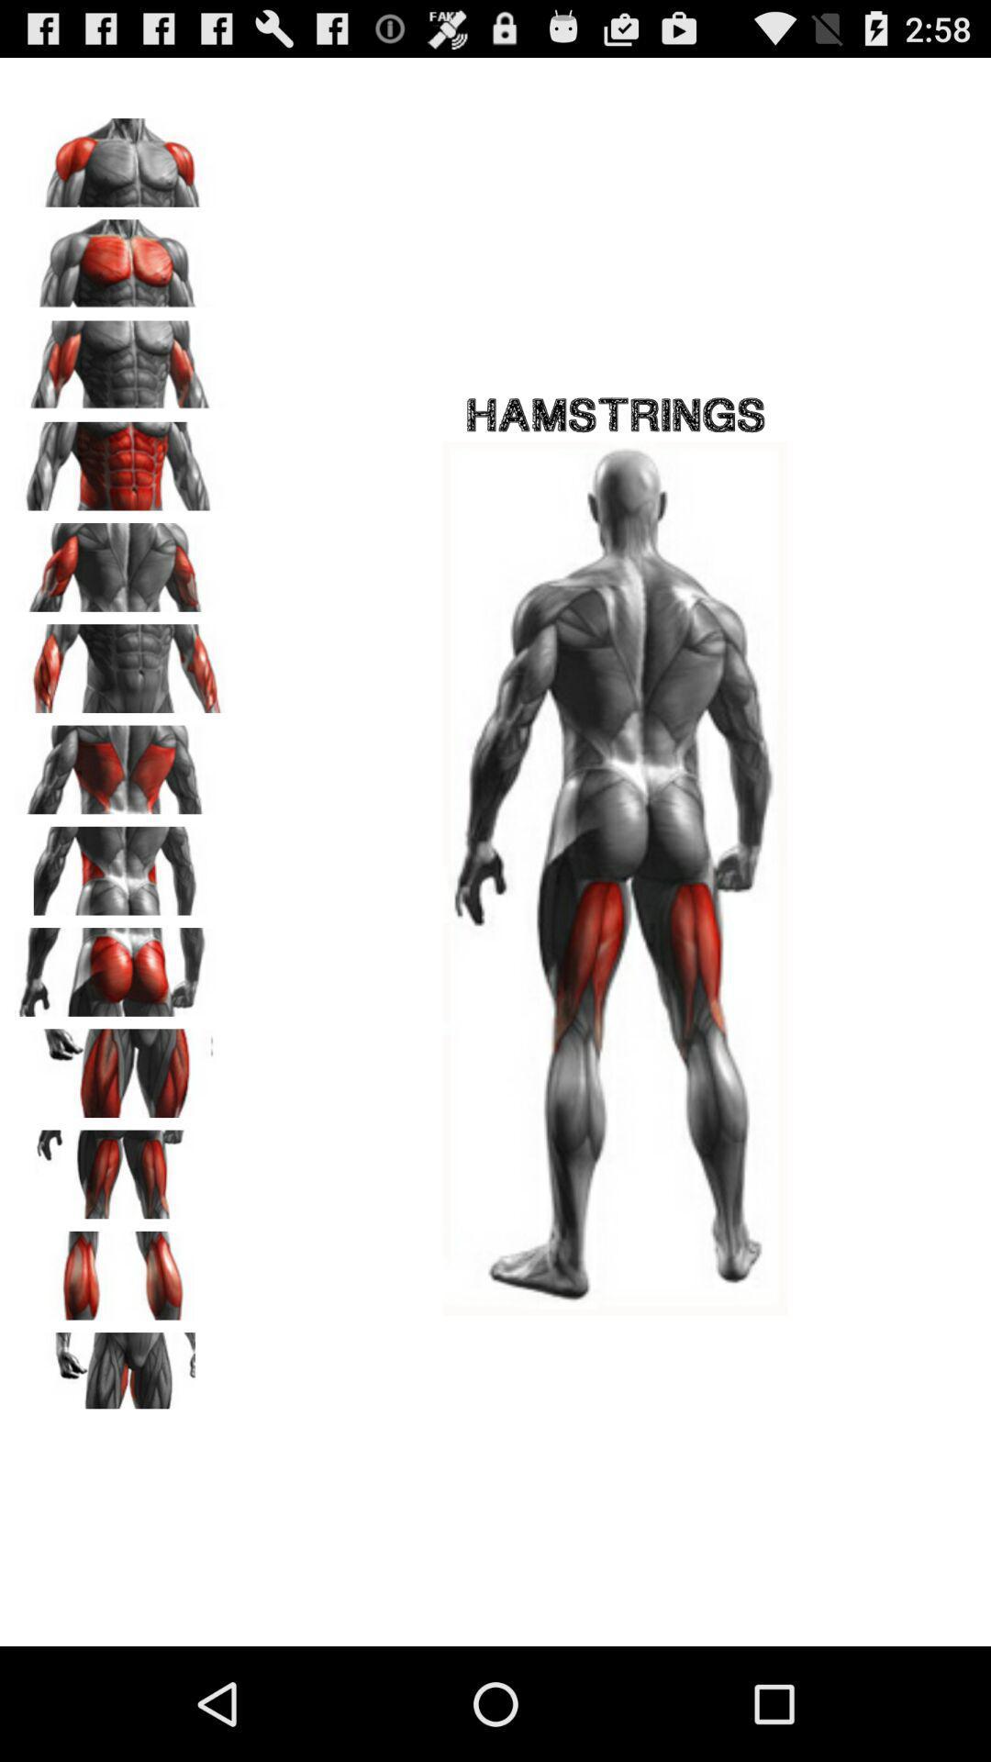 This screenshot has width=991, height=1762. Describe the element at coordinates (120, 764) in the screenshot. I see `choose back muscles option` at that location.